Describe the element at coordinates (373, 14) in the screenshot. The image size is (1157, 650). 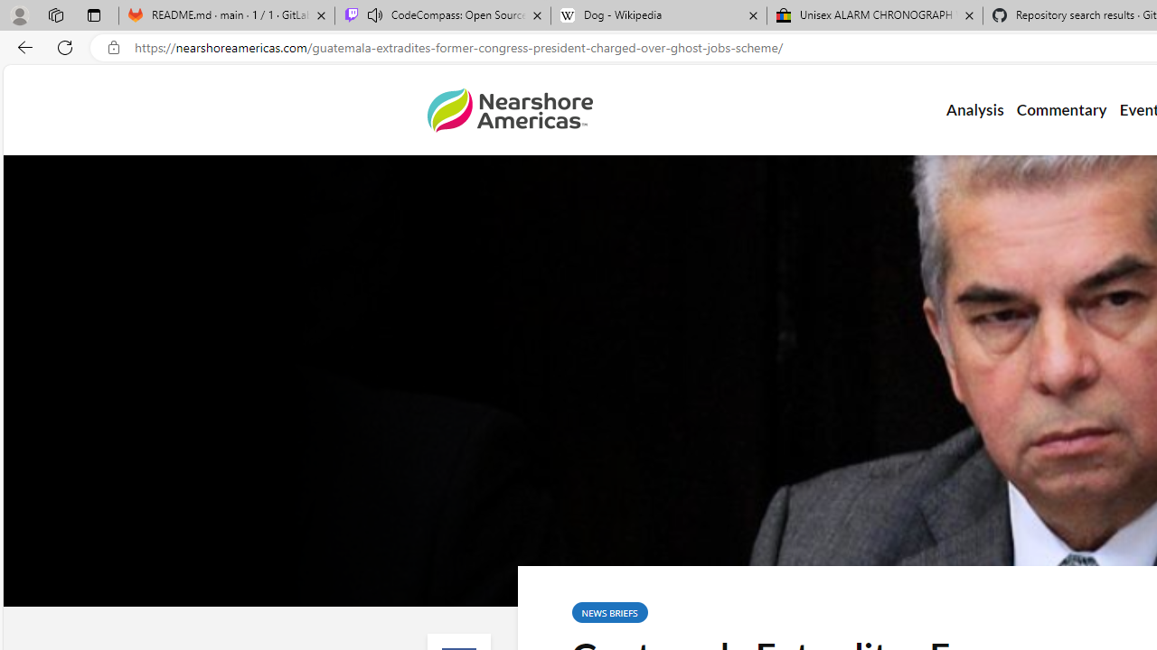
I see `'Mute tab'` at that location.